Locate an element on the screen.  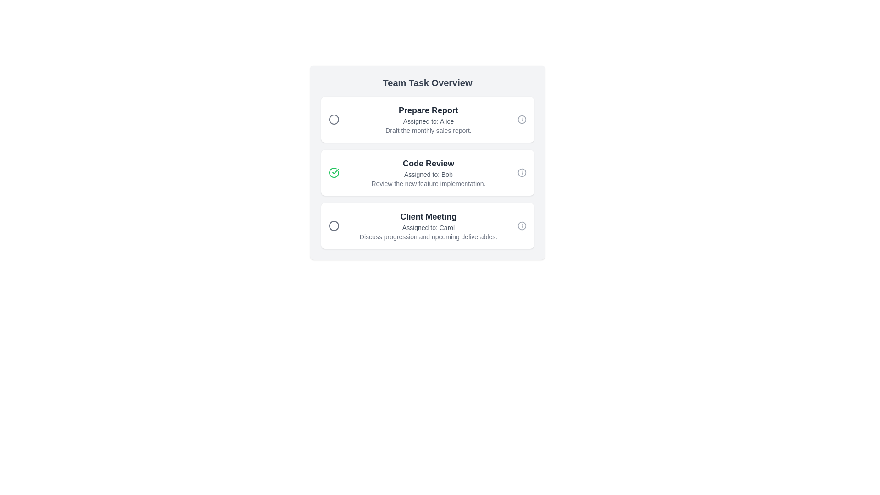
the 'Code Review' text label element by moving the cursor to its center point is located at coordinates (428, 163).